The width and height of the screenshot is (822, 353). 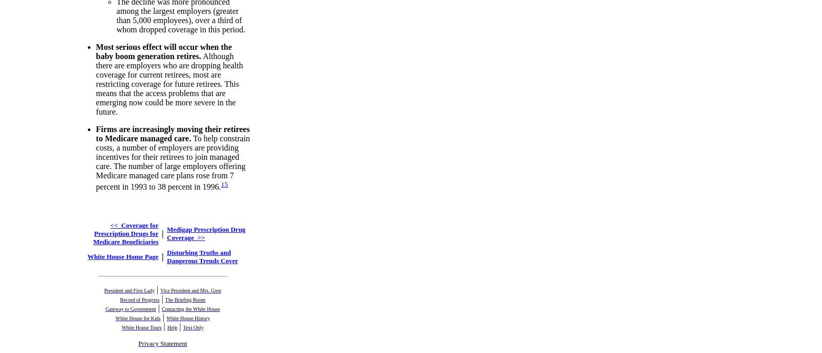 I want to click on 'Privacy Statement', so click(x=162, y=342).